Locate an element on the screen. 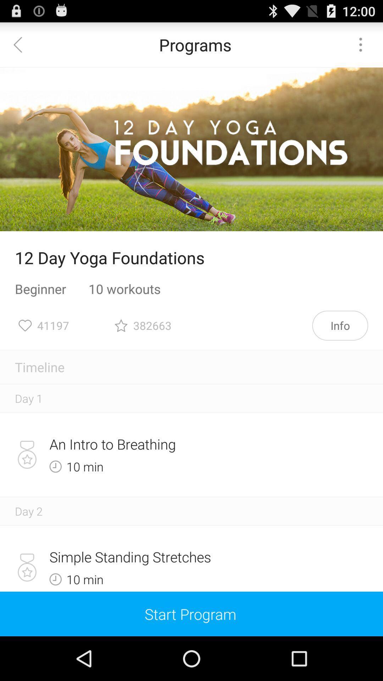 The width and height of the screenshot is (383, 681). open menu is located at coordinates (361, 44).